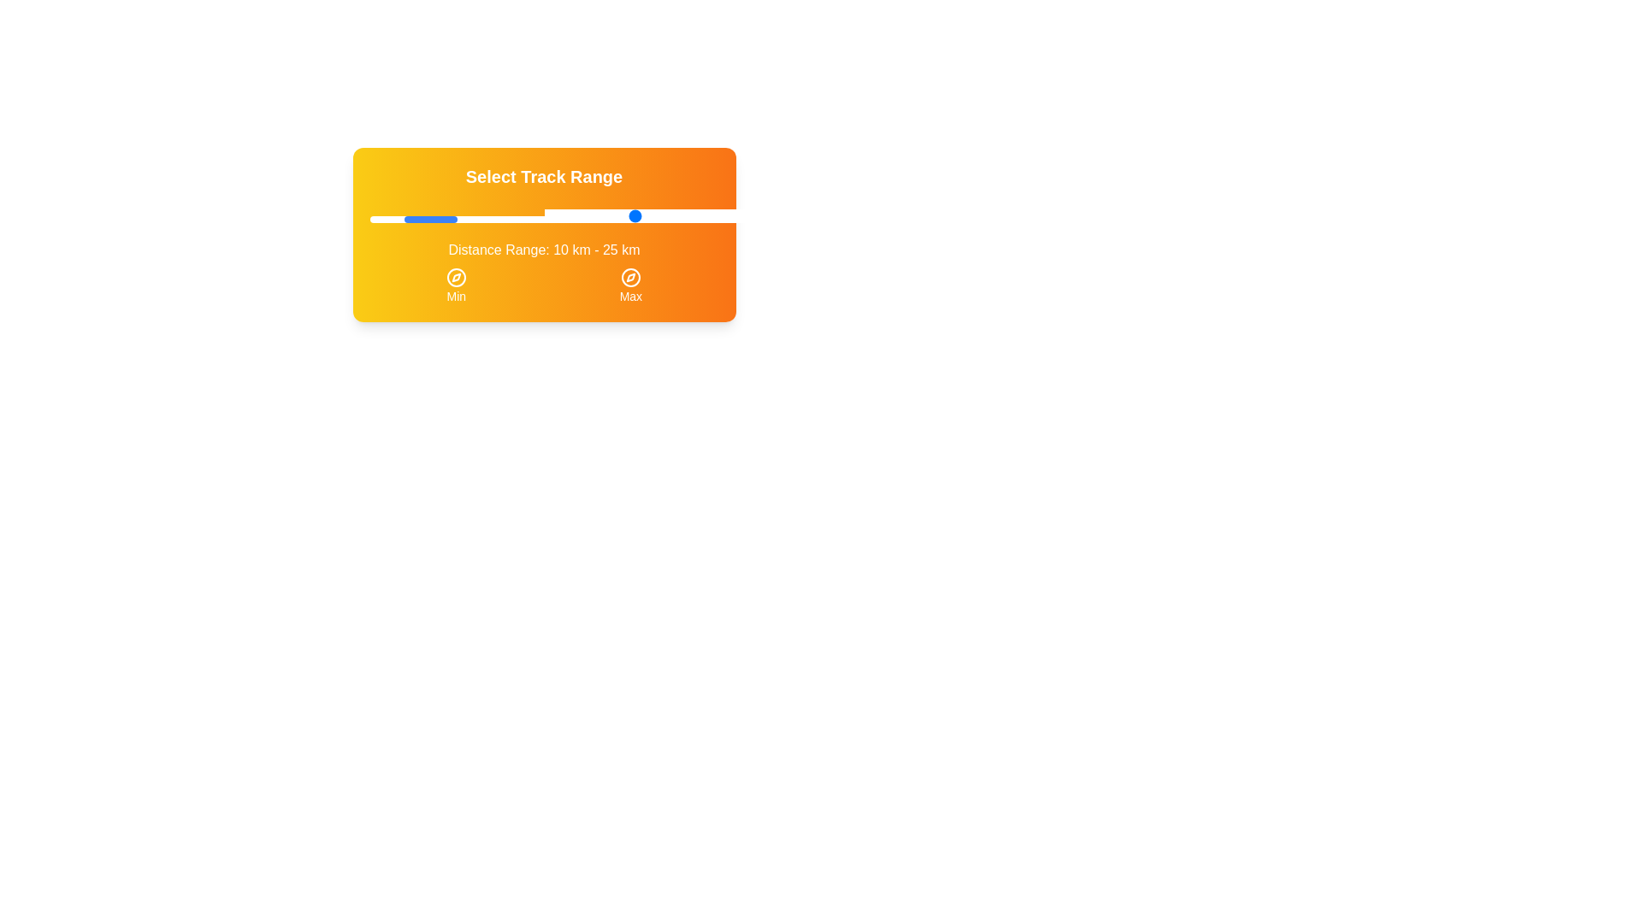 The width and height of the screenshot is (1642, 923). What do you see at coordinates (659, 219) in the screenshot?
I see `the range slider's value` at bounding box center [659, 219].